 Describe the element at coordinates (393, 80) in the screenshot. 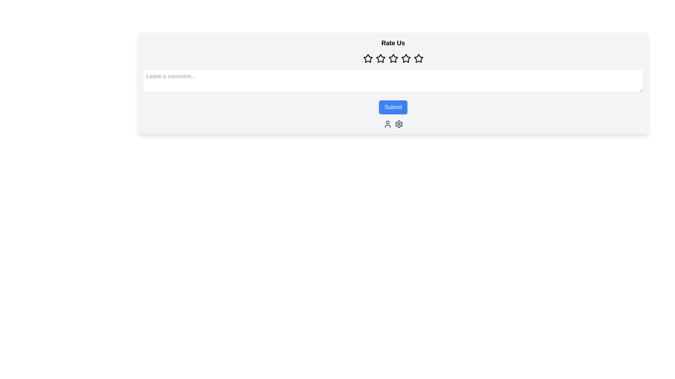

I see `the text input field below the 'Rate Us' title and above the 'Submit' button` at that location.